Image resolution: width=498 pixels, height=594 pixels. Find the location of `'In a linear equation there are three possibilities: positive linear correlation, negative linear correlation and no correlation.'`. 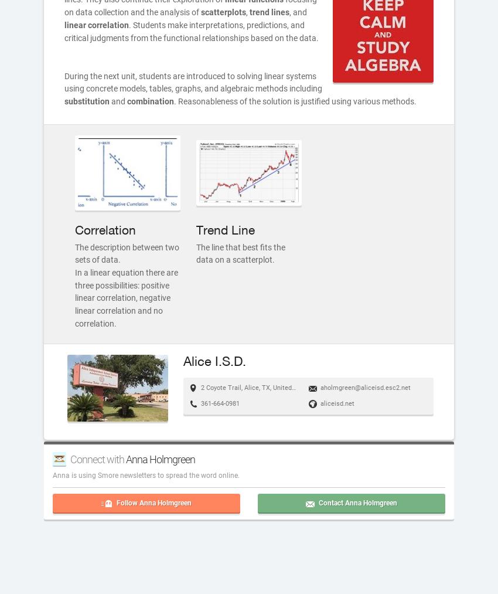

'In a linear equation there are three possibilities: positive linear correlation, negative linear correlation and no correlation.' is located at coordinates (75, 297).